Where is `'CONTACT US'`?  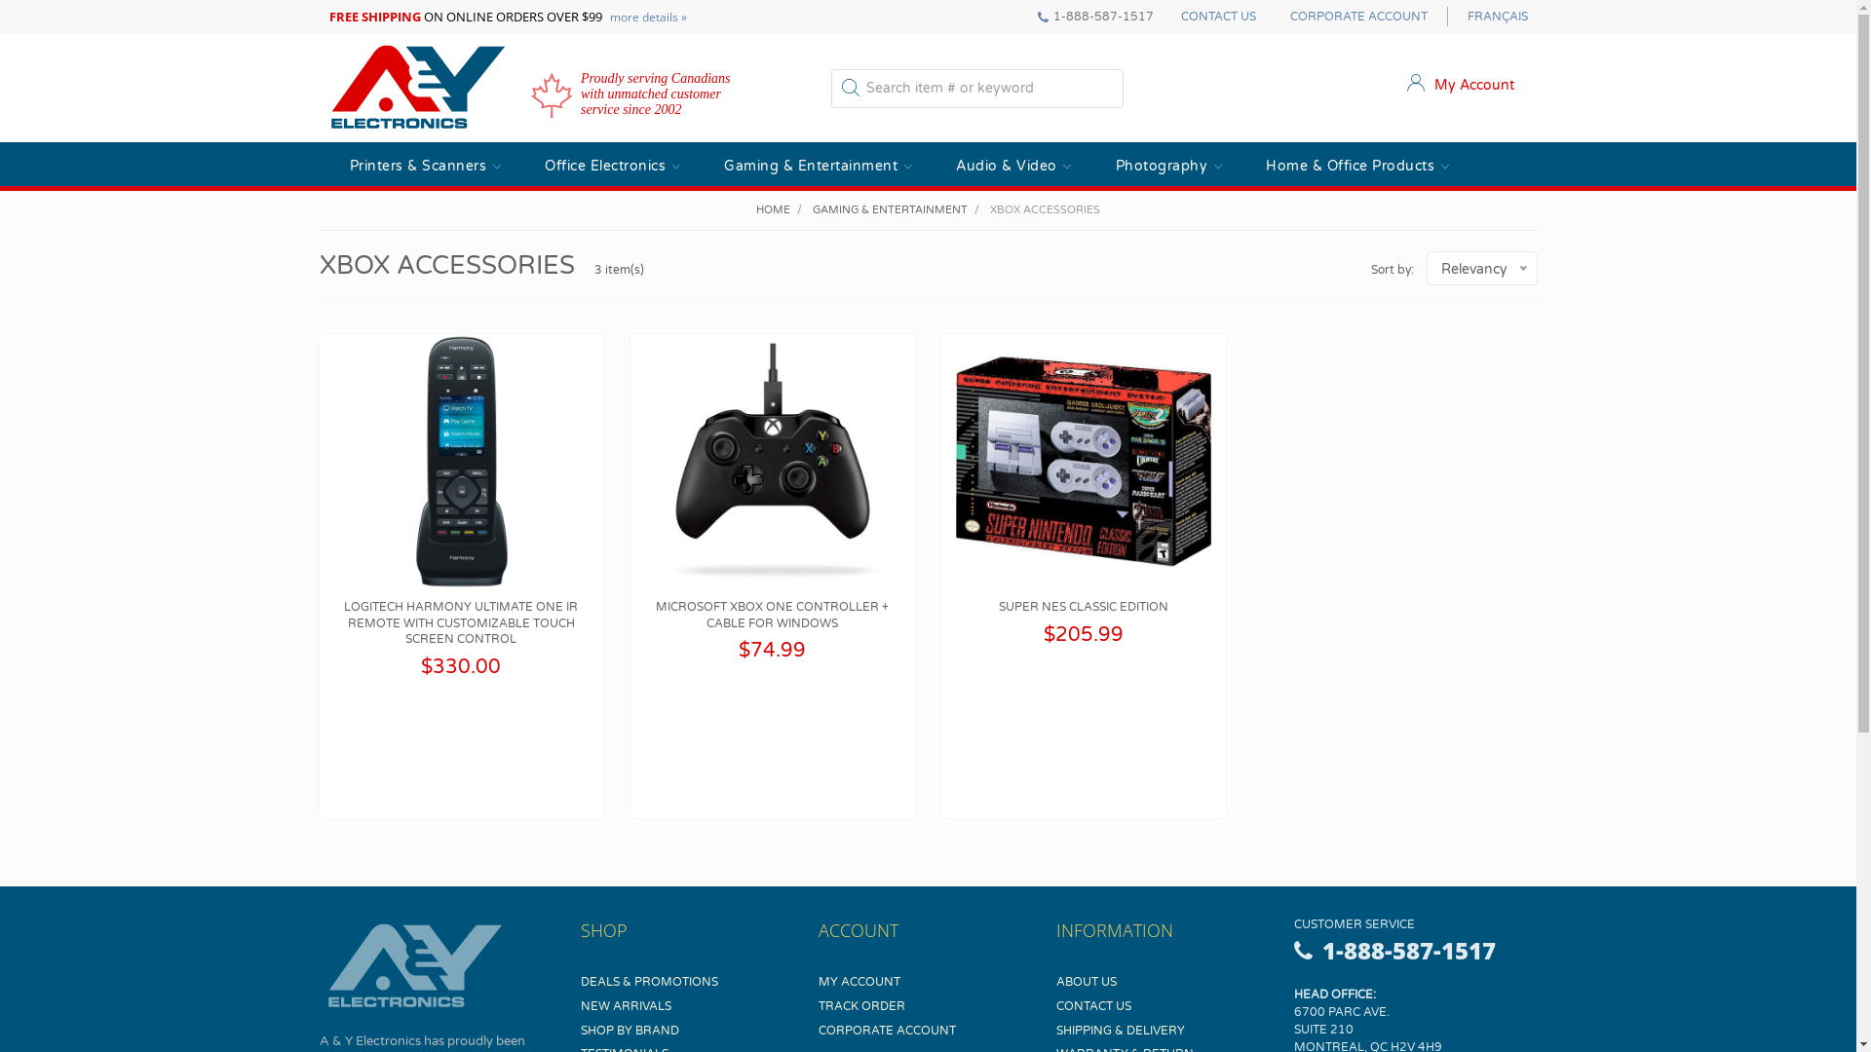
'CONTACT US' is located at coordinates (1217, 16).